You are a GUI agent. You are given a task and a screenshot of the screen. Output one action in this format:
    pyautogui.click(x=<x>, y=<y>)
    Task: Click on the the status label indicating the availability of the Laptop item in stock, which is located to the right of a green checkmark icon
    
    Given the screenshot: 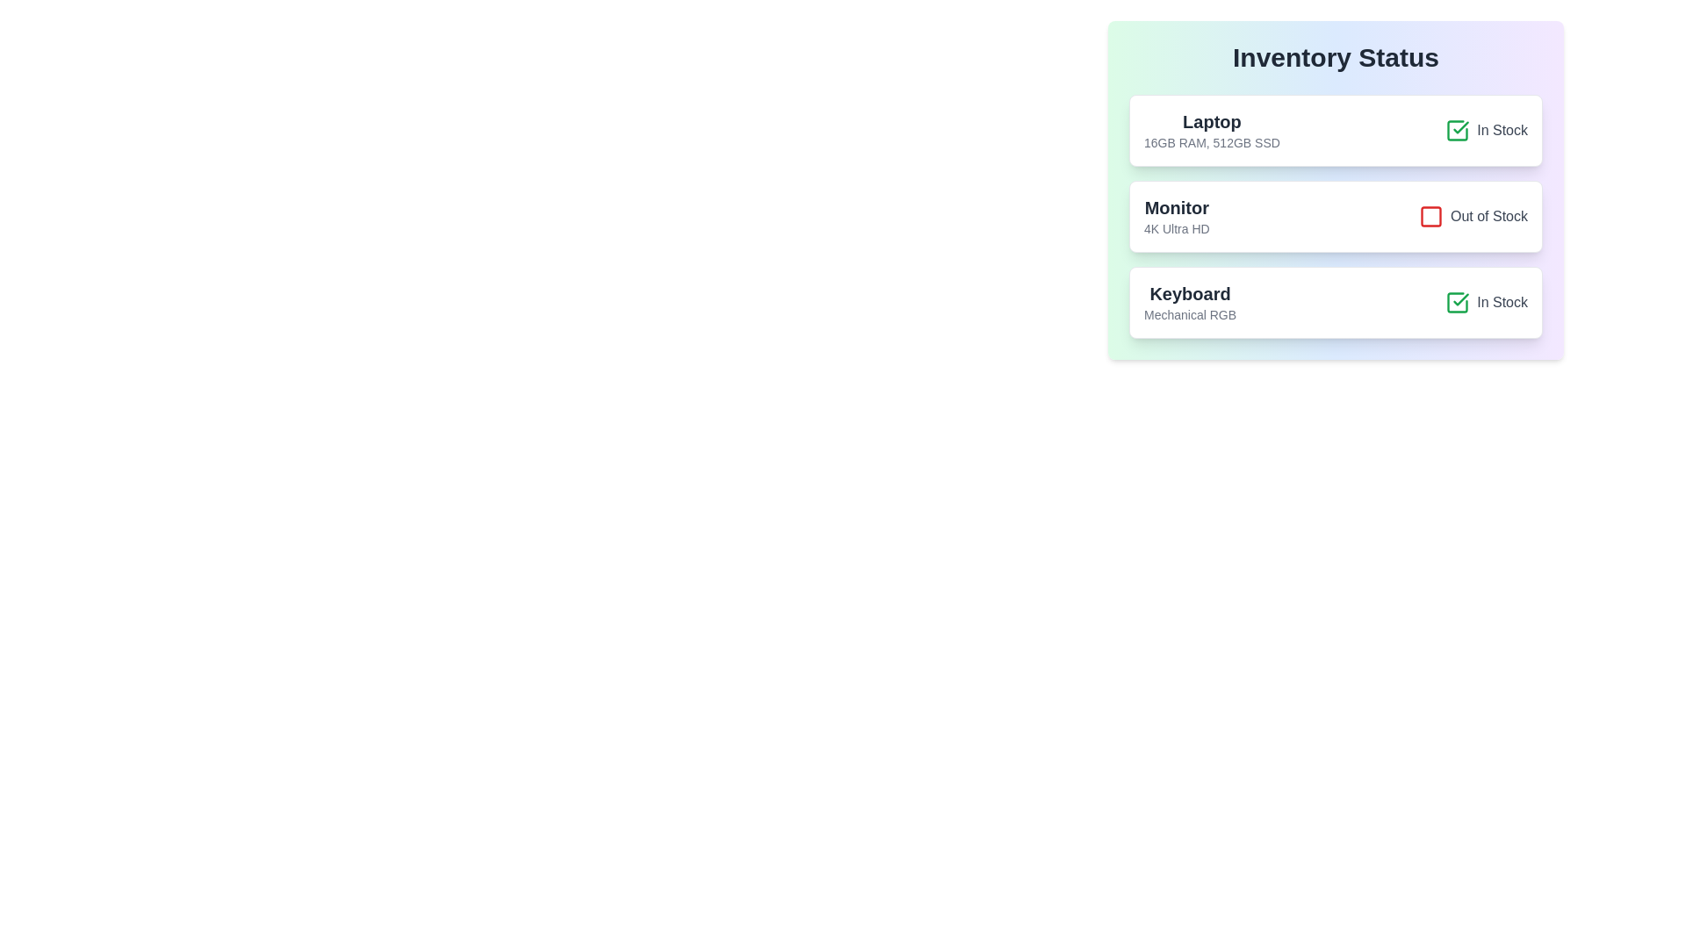 What is the action you would take?
    pyautogui.click(x=1502, y=130)
    